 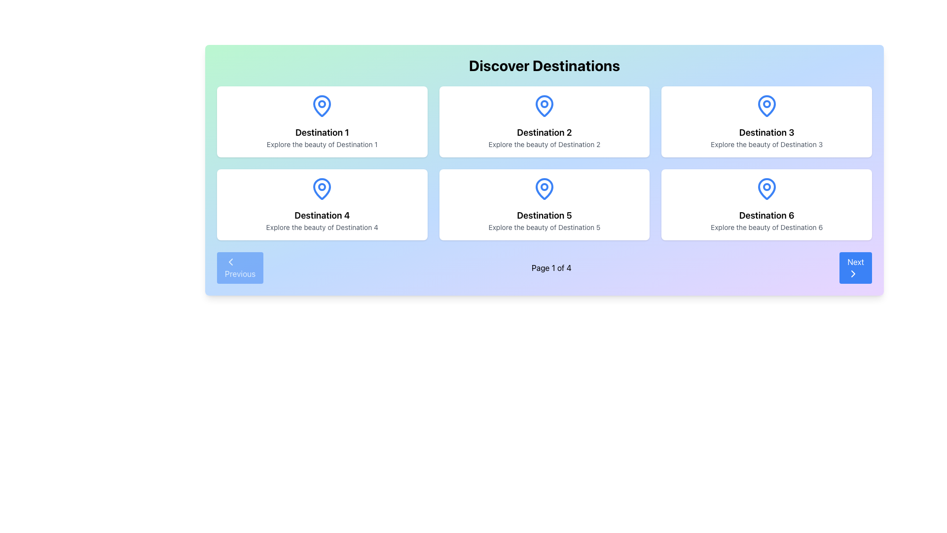 What do you see at coordinates (853, 274) in the screenshot?
I see `the rightward chevron icon located on the right side of the blue 'Next' button` at bounding box center [853, 274].